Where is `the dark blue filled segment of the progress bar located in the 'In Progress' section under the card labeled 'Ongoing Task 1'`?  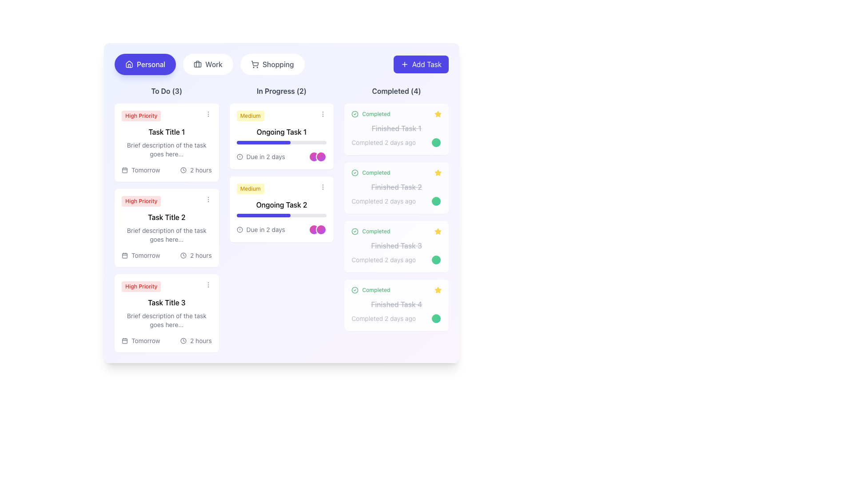
the dark blue filled segment of the progress bar located in the 'In Progress' section under the card labeled 'Ongoing Task 1' is located at coordinates (263, 142).